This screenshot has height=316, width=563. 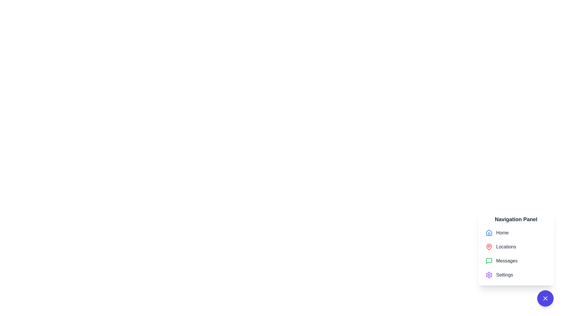 What do you see at coordinates (502, 232) in the screenshot?
I see `the 'Home' text label in the Navigation Panel` at bounding box center [502, 232].